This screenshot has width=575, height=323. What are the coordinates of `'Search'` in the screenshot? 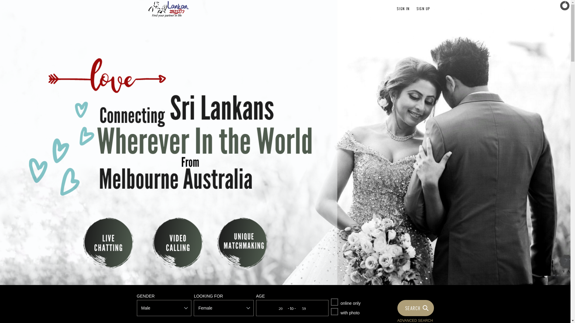 It's located at (416, 308).